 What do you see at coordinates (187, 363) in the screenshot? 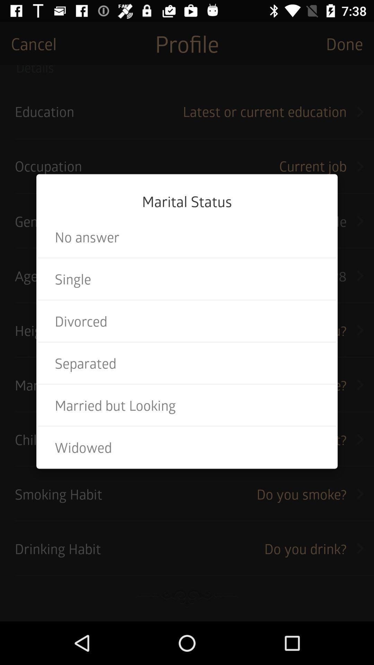
I see `the separated item` at bounding box center [187, 363].